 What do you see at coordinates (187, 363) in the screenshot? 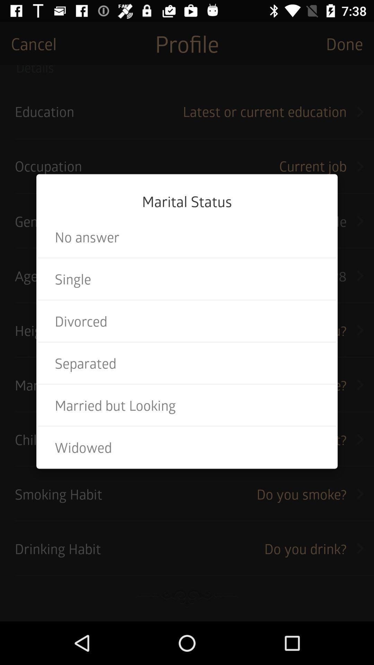
I see `the separated item` at bounding box center [187, 363].